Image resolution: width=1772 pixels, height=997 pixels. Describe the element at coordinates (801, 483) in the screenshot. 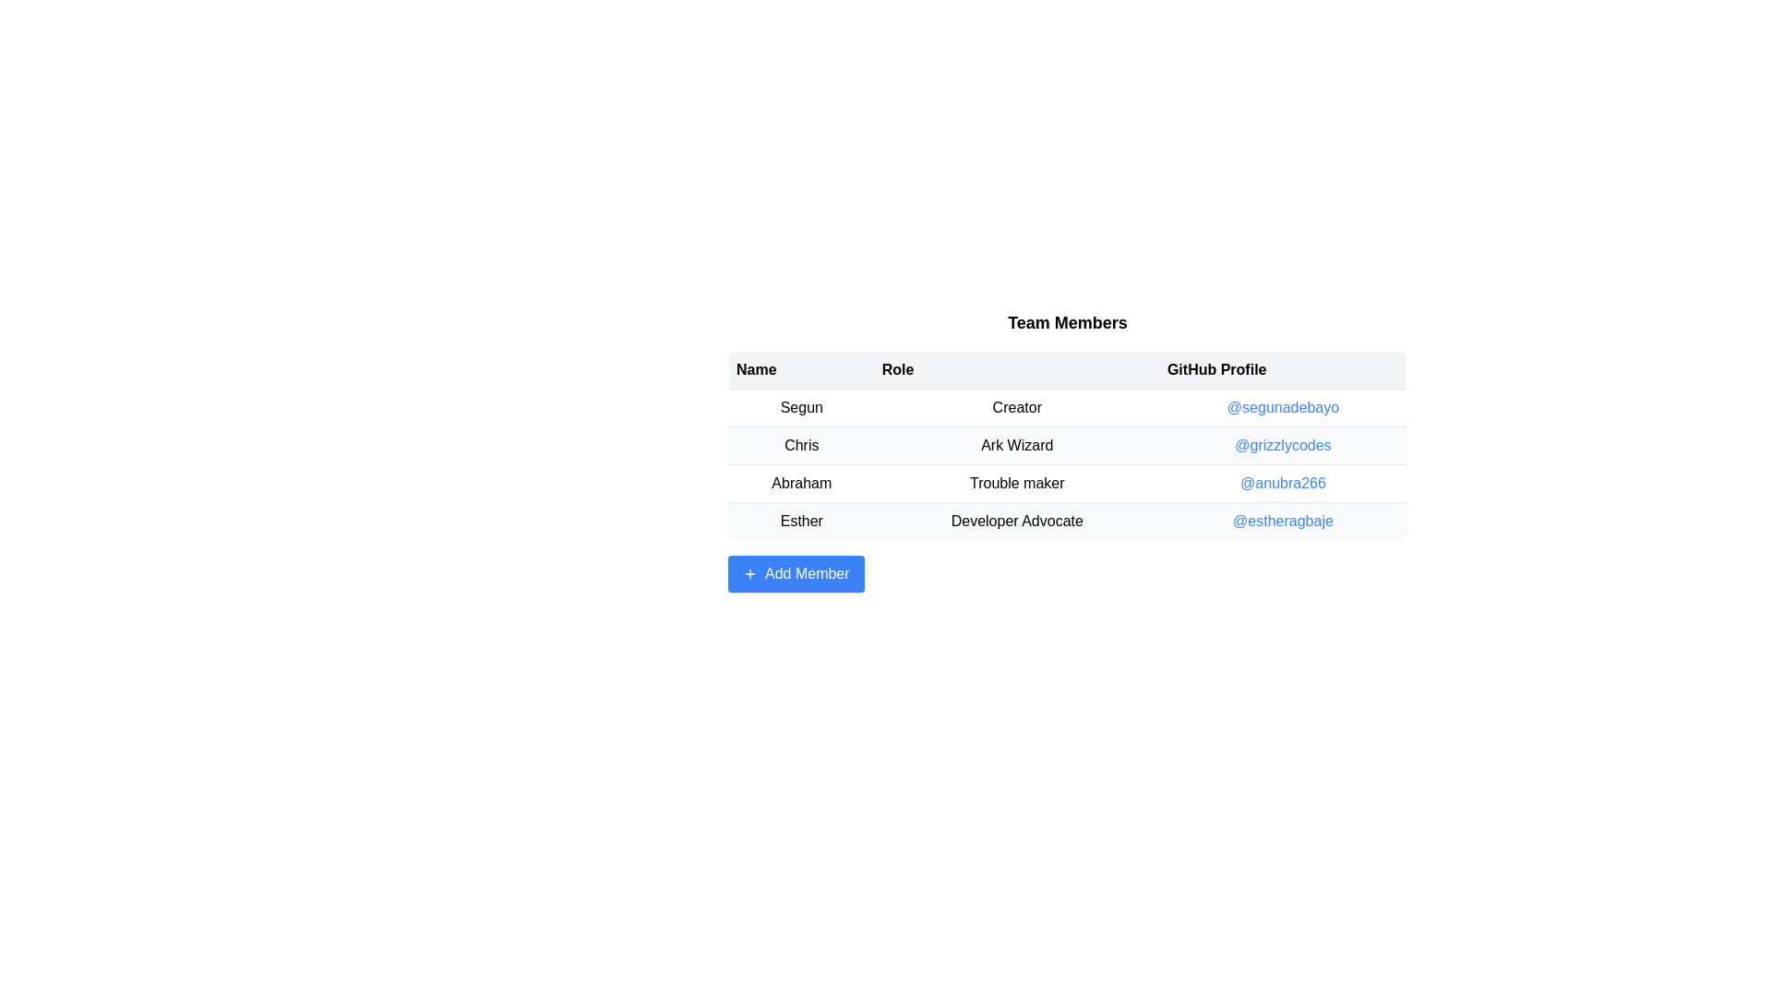

I see `the text element displaying 'Abraham' in the 'Name' column of the team member listing table` at that location.